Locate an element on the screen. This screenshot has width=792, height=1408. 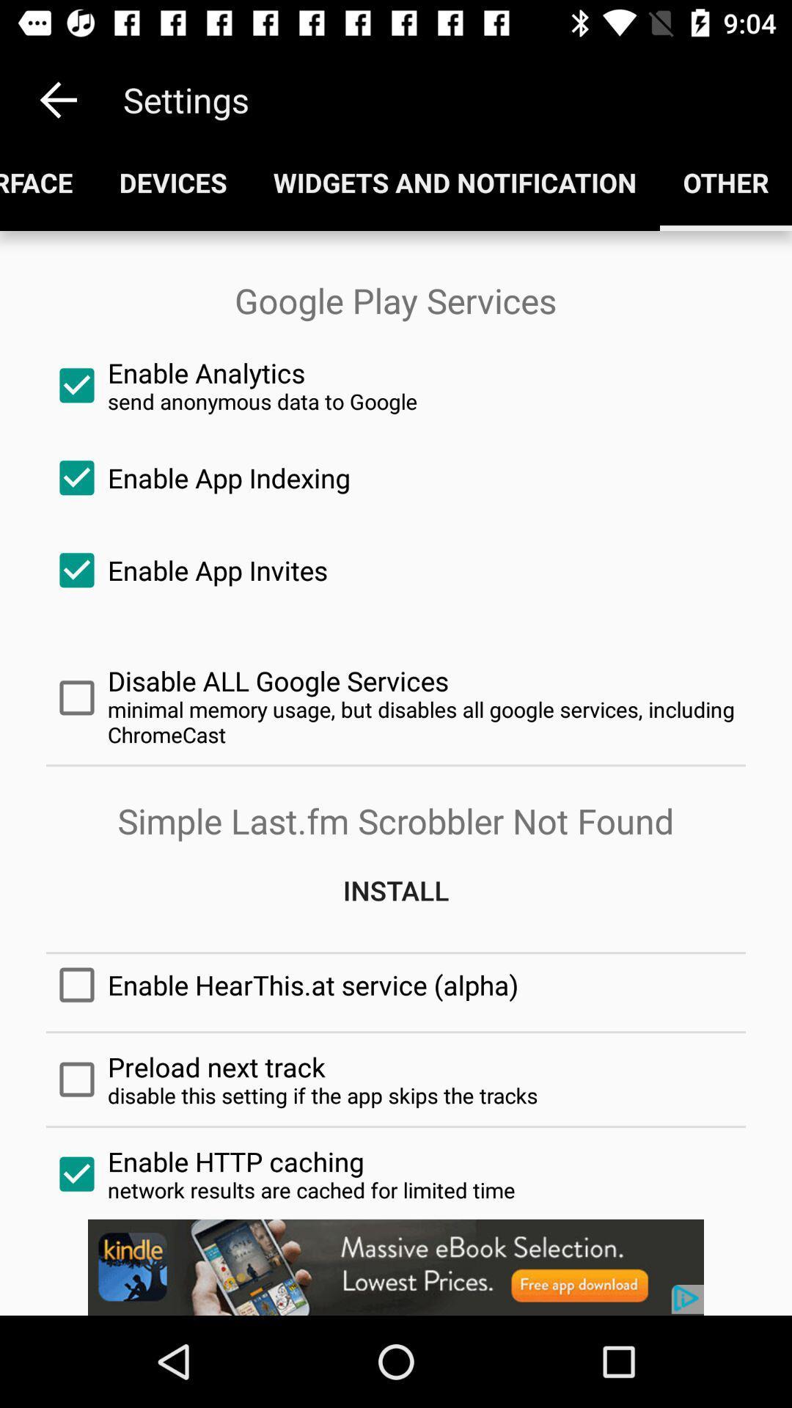
the text which is right to widgets and notification is located at coordinates (726, 182).